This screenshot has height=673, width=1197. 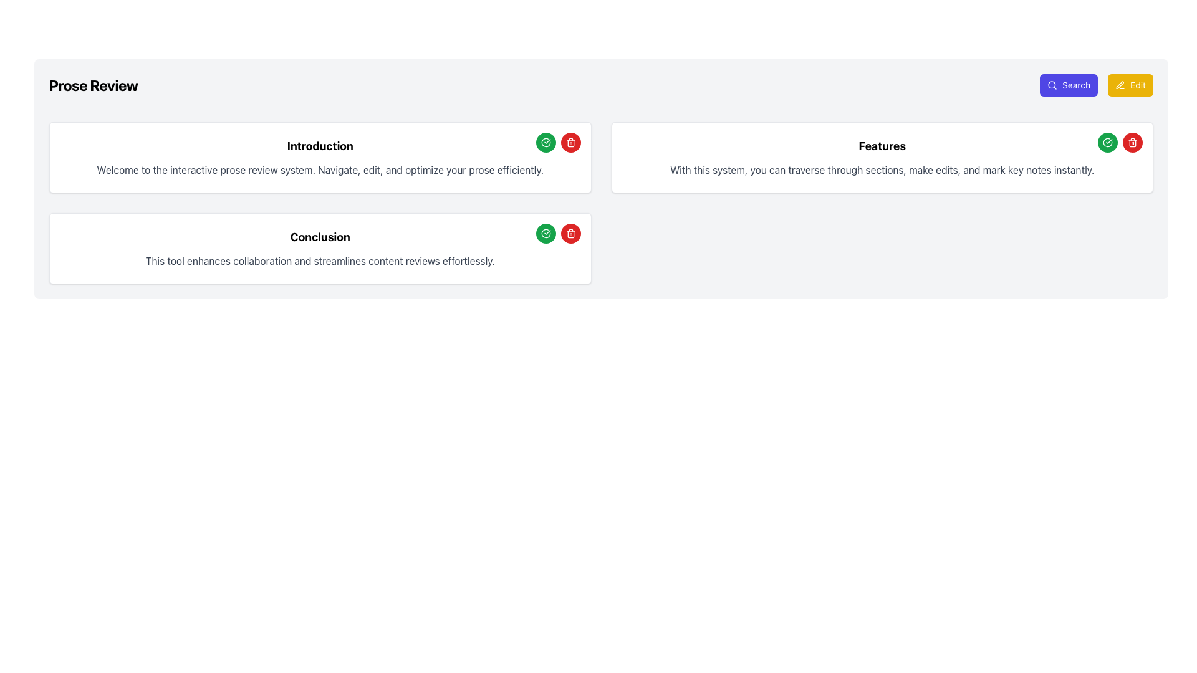 I want to click on description text block located directly below the heading in the 'Conclusion' section, which provides additional information in a concise manner, so click(x=320, y=260).